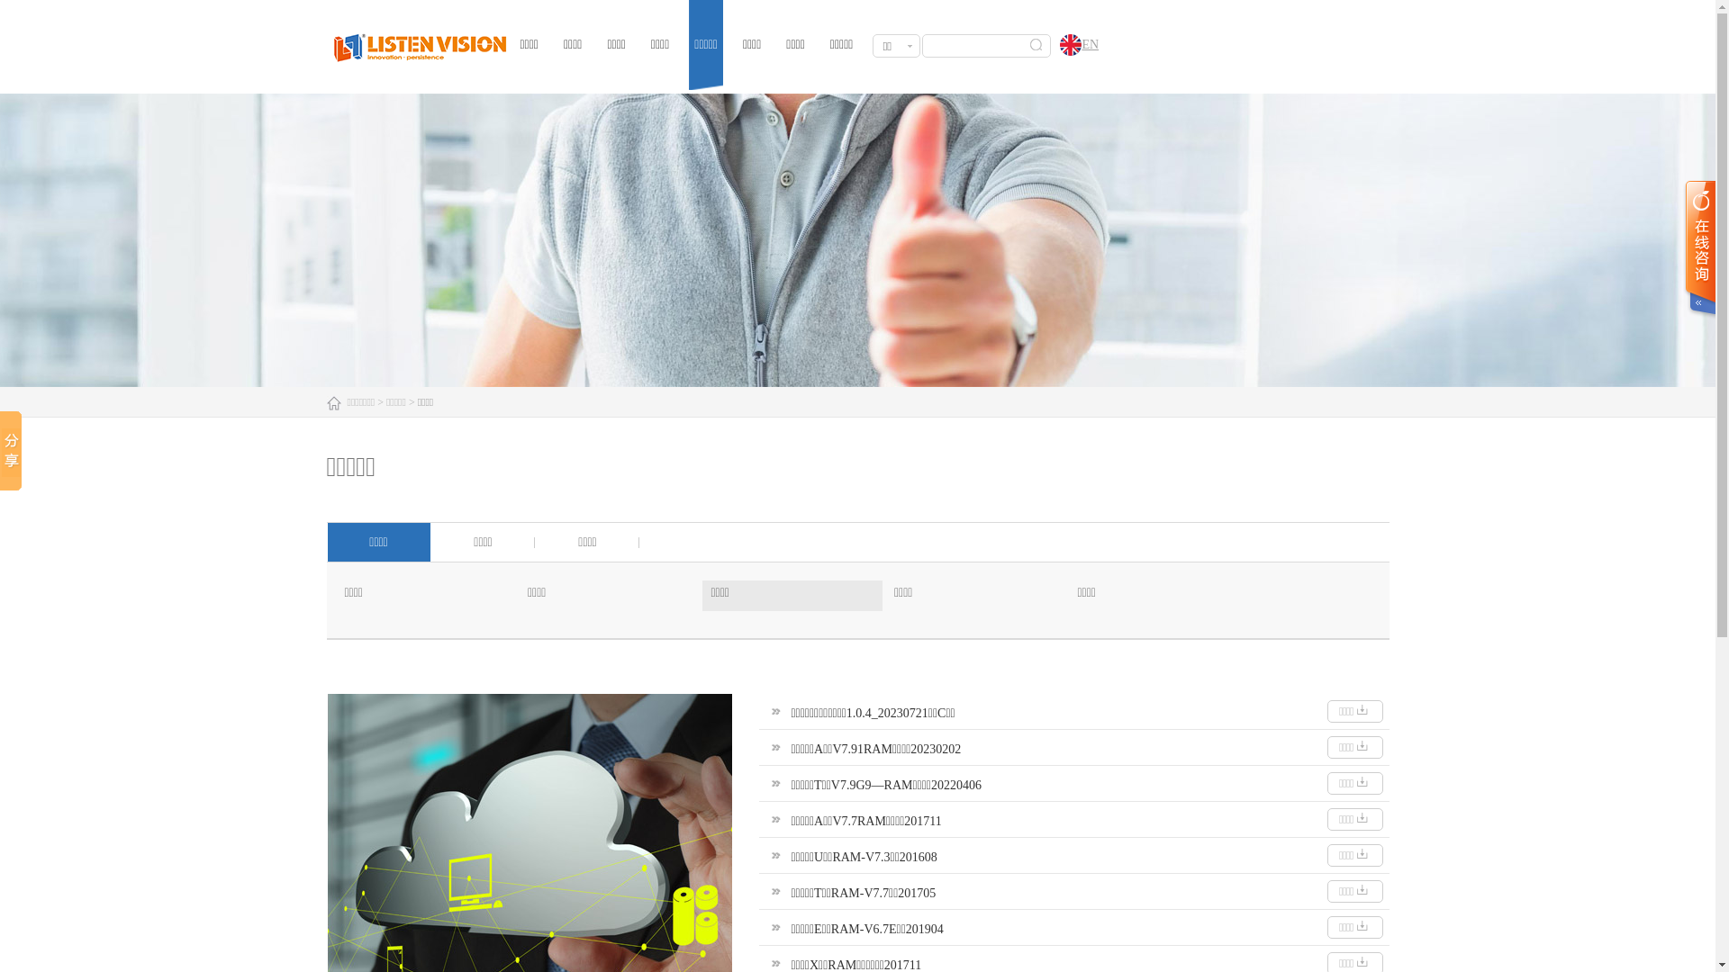 This screenshot has width=1729, height=972. Describe the element at coordinates (1050, 45) in the screenshot. I see `'EN'` at that location.